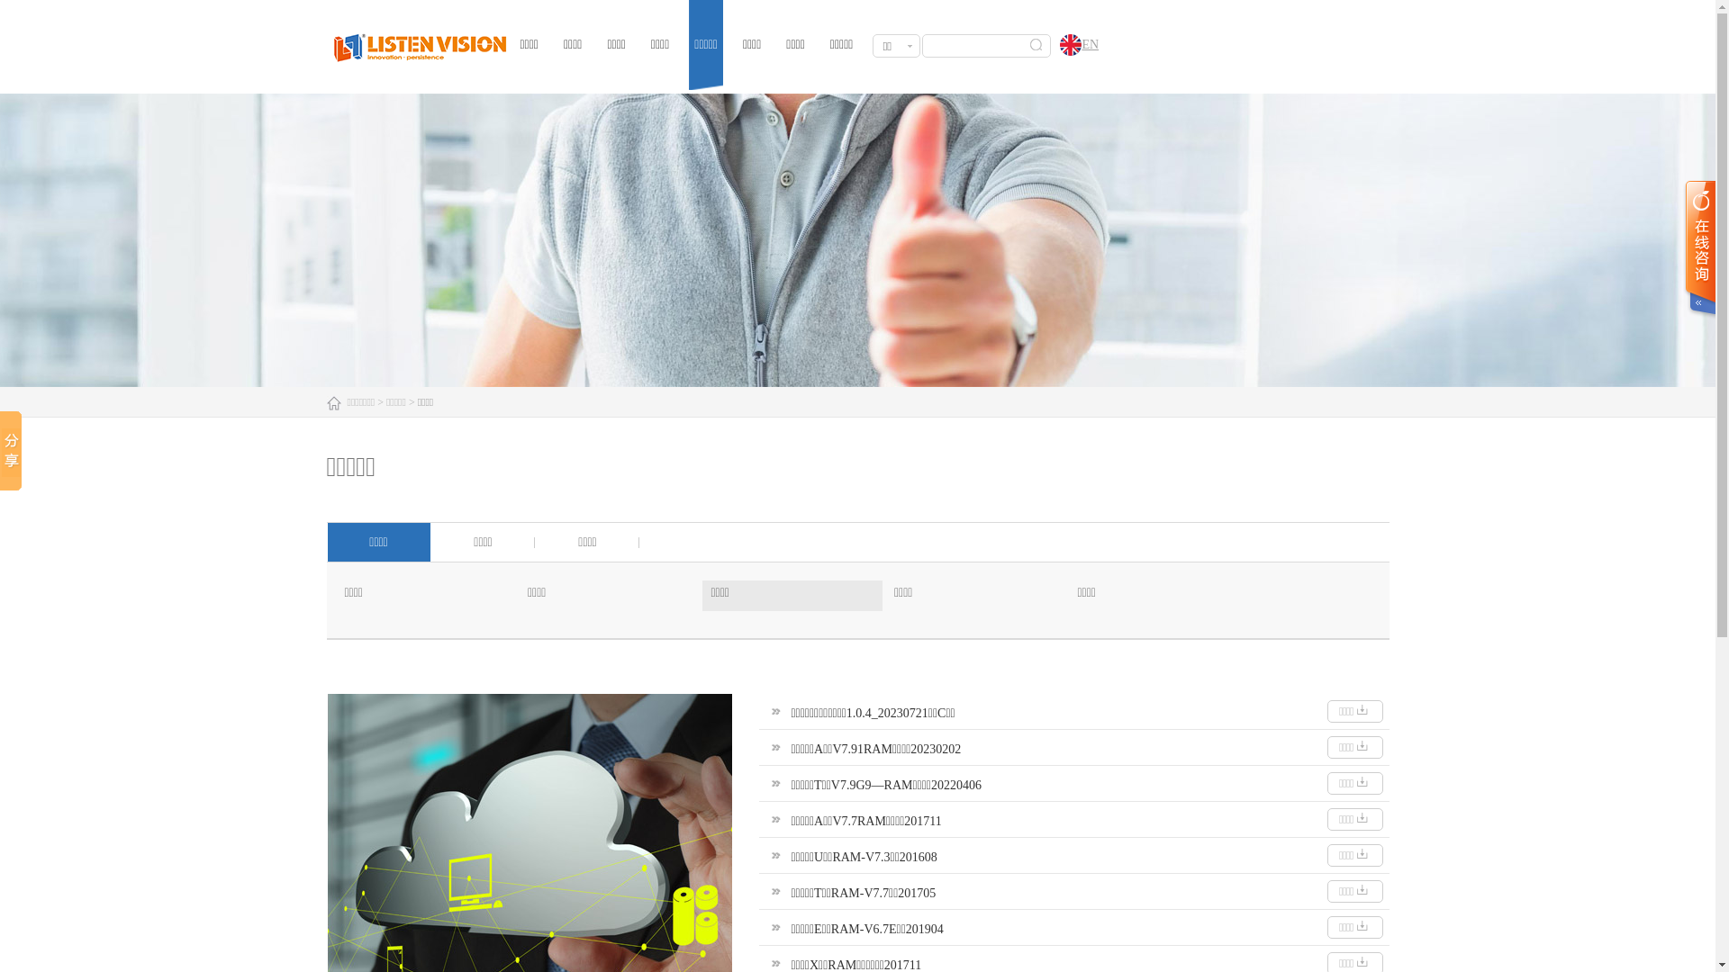 This screenshot has width=1729, height=972. Describe the element at coordinates (1050, 45) in the screenshot. I see `'EN'` at that location.